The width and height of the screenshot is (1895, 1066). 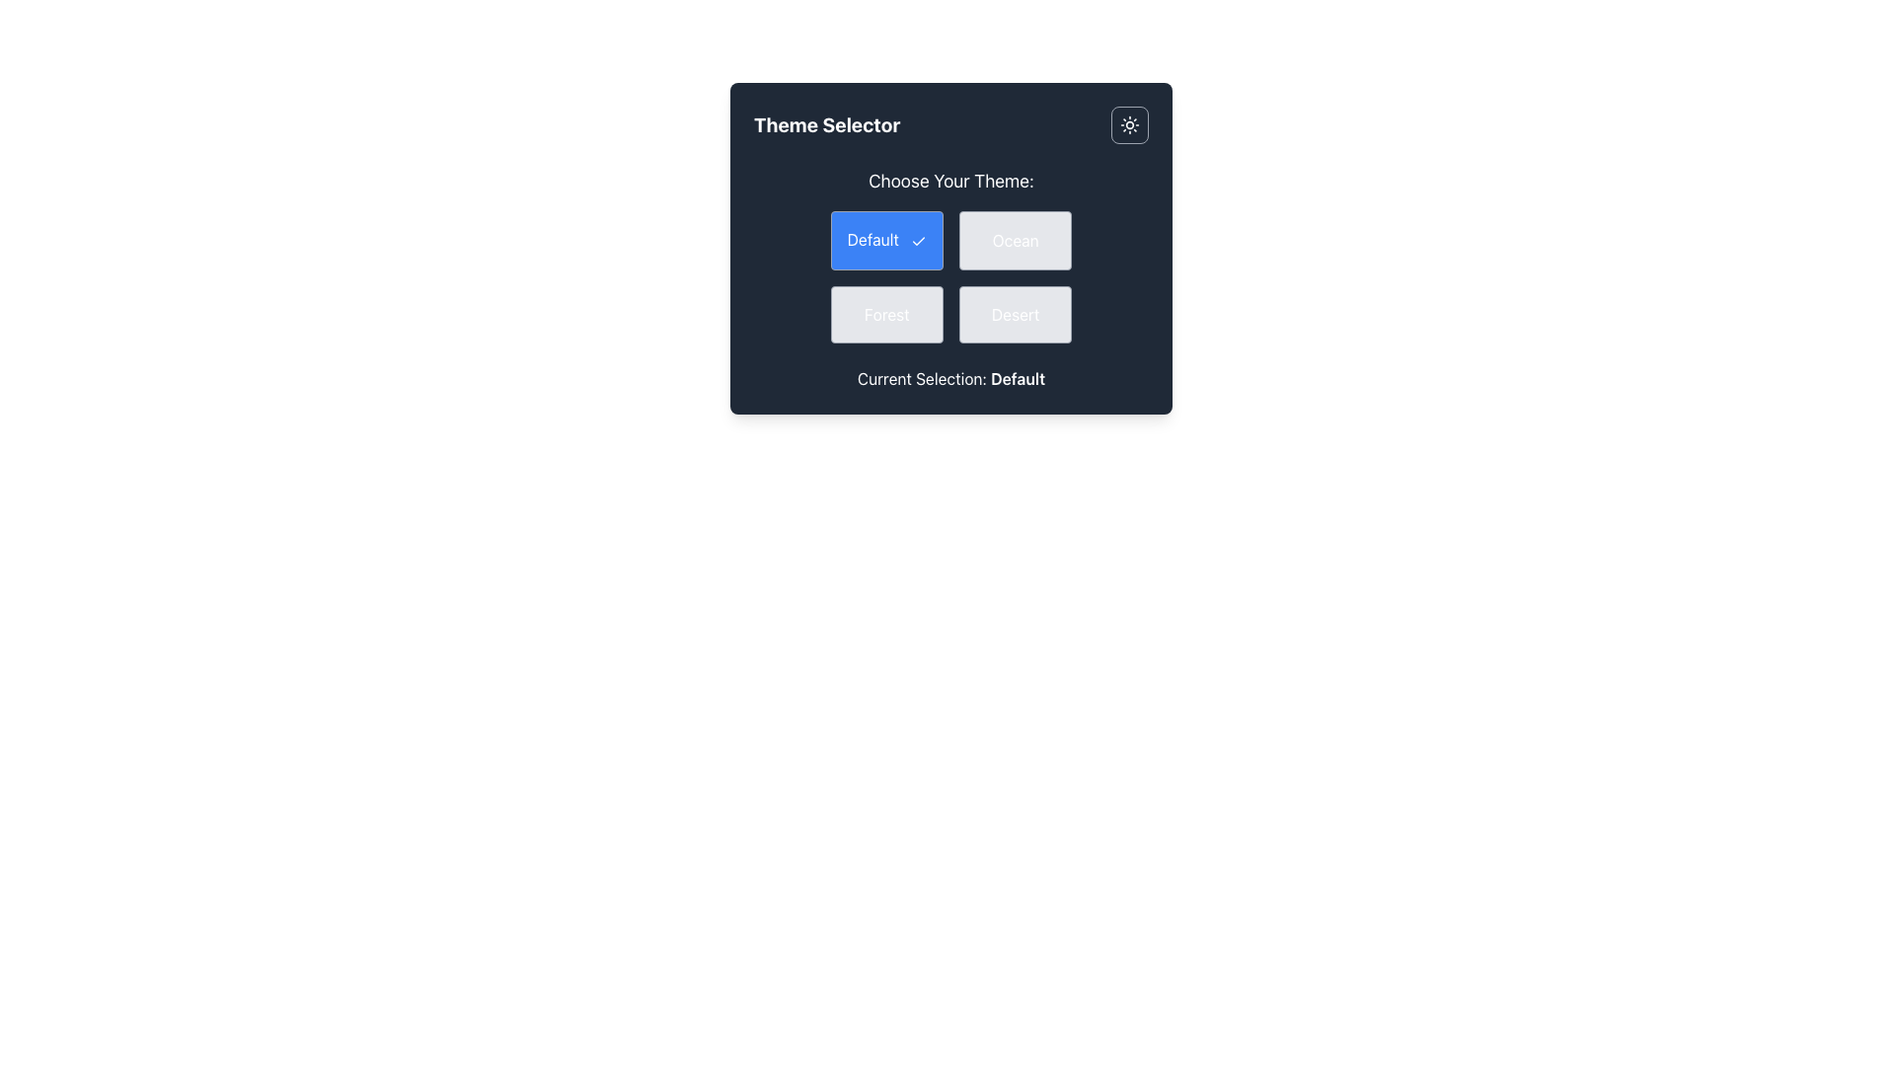 What do you see at coordinates (951, 254) in the screenshot?
I see `the 'Default' button within the 'Choose Your Theme:' section of the Theme Selector` at bounding box center [951, 254].